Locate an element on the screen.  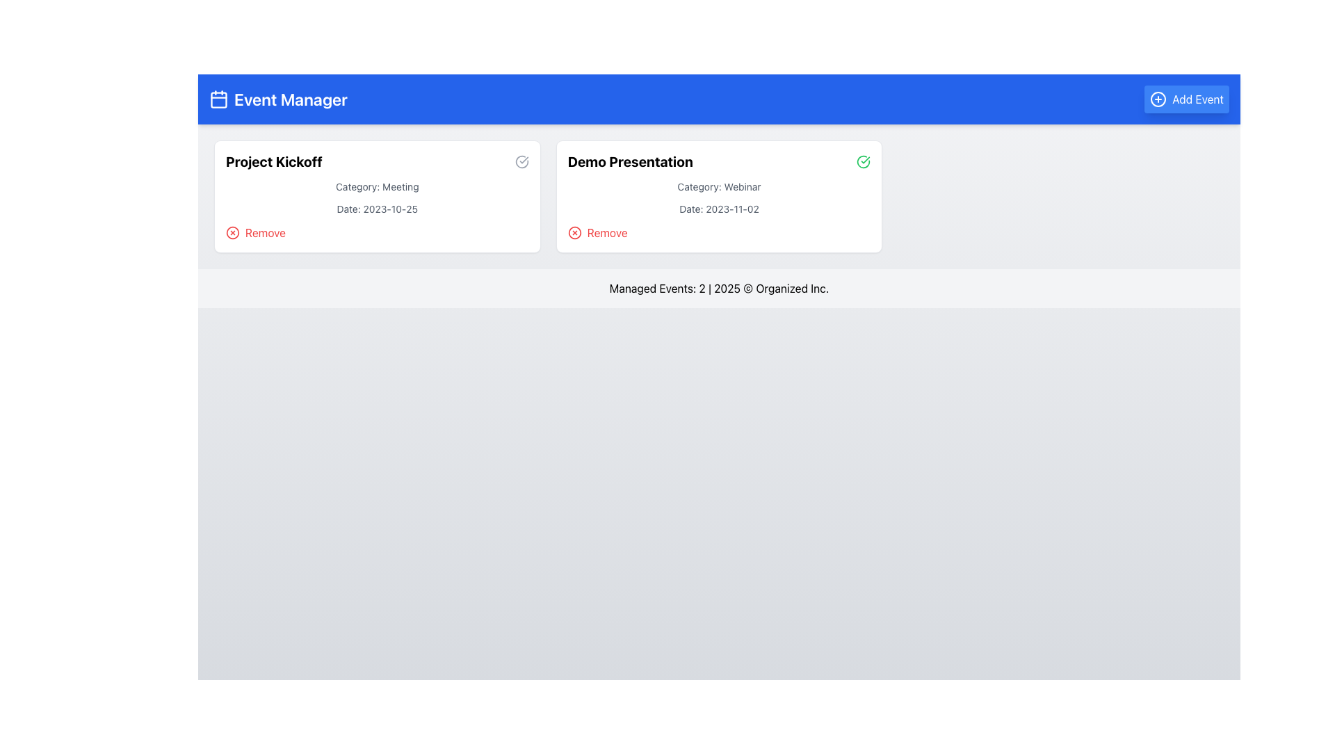
the verification or success indicator icon located at the top-right corner of the 'Demo Presentation' event card, adjacent to the event details block is located at coordinates (863, 161).